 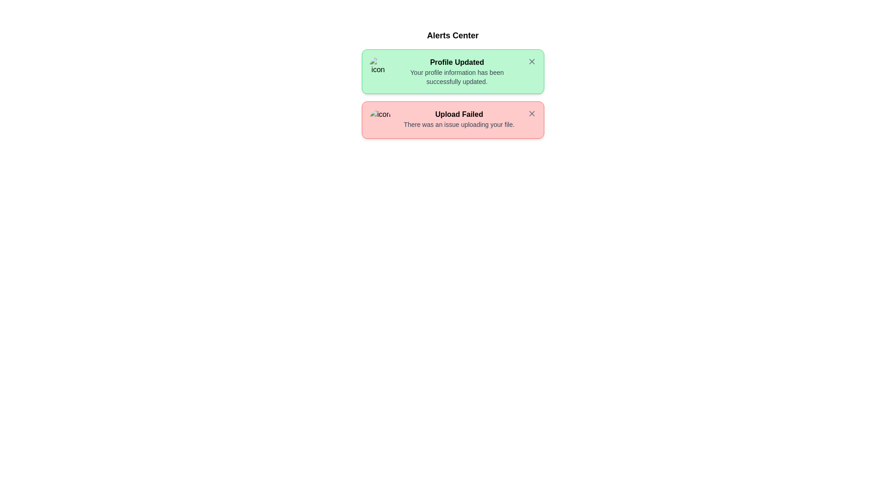 What do you see at coordinates (380, 119) in the screenshot?
I see `the image associated with the alert Upload Failed` at bounding box center [380, 119].